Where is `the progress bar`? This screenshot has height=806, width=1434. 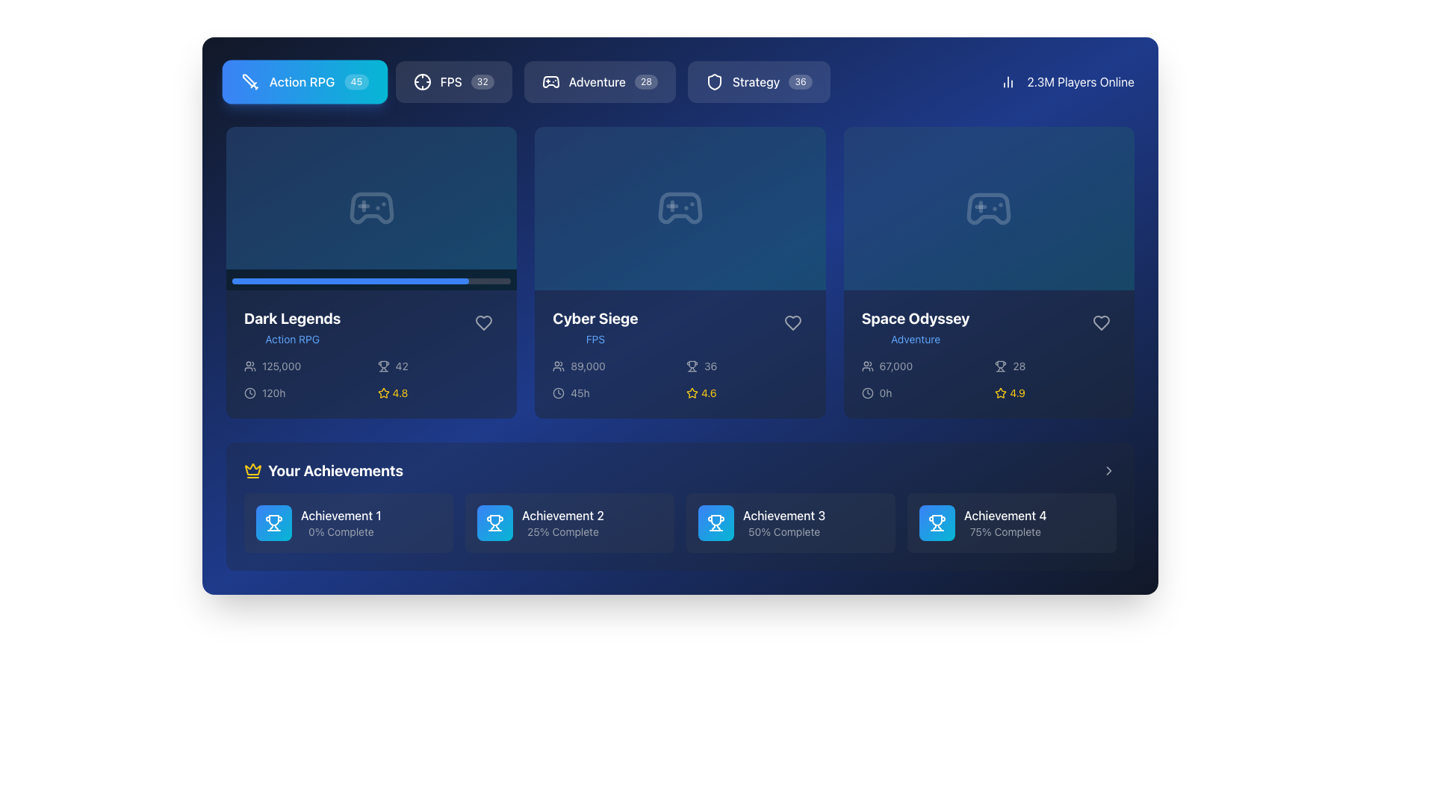 the progress bar is located at coordinates (371, 280).